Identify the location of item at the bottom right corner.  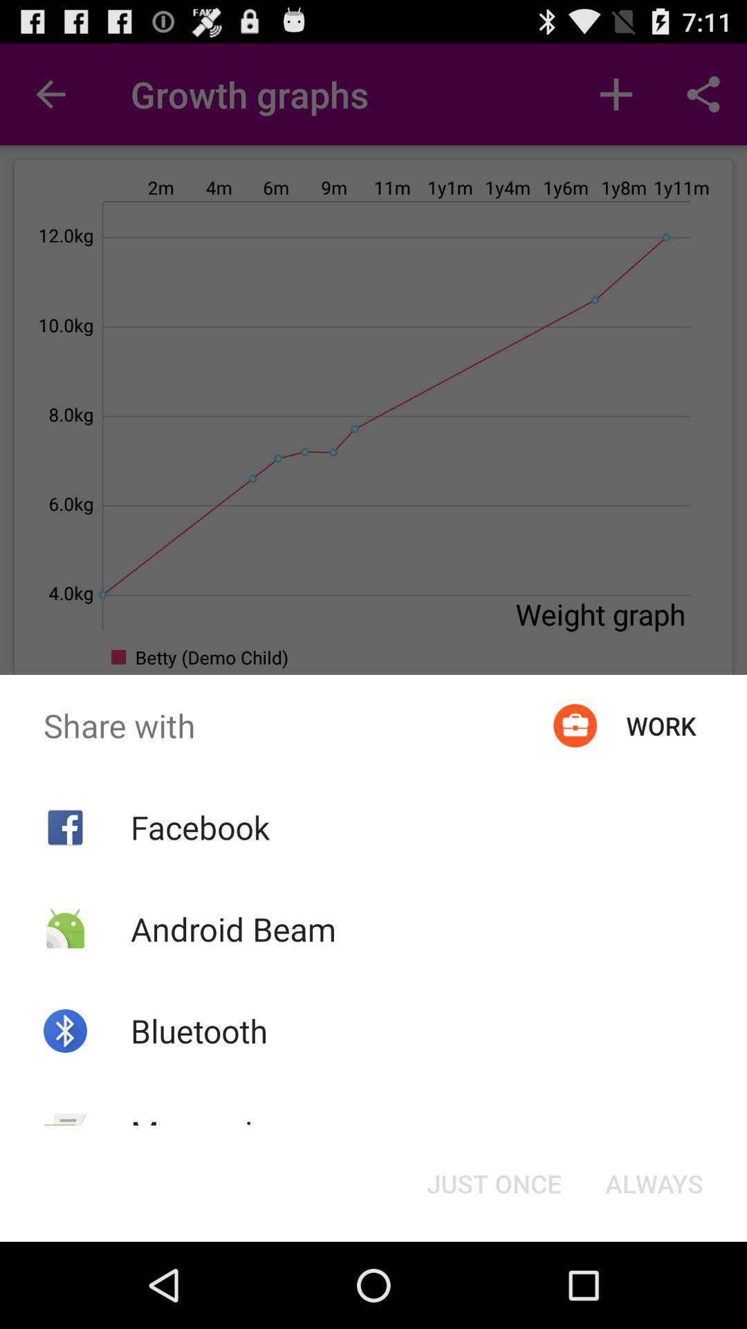
(654, 1182).